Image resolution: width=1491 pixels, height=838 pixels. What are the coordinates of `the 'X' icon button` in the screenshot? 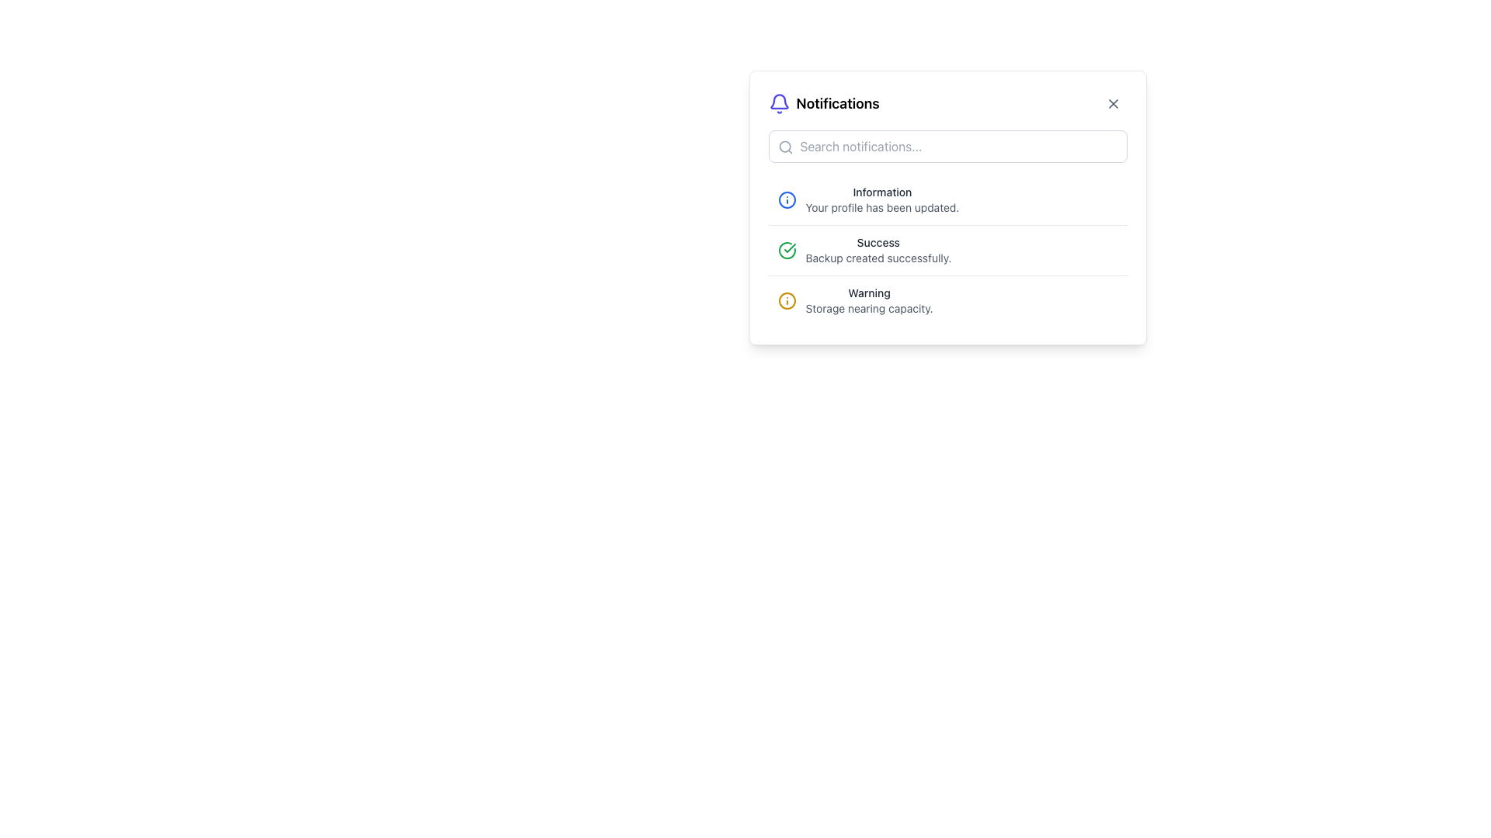 It's located at (1112, 104).